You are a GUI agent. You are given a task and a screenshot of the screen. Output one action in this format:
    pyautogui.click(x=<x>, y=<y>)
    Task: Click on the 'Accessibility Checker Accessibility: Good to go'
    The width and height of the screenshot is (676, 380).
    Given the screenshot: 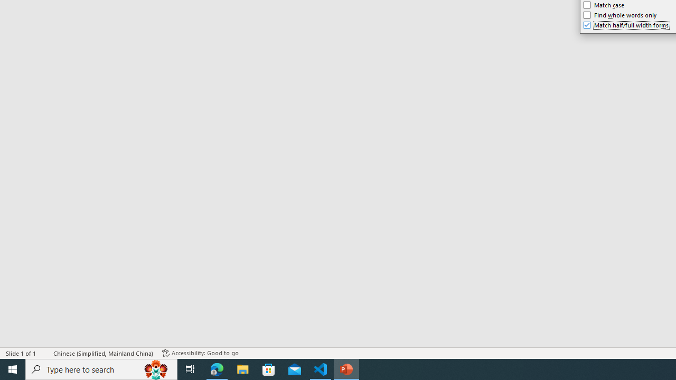 What is the action you would take?
    pyautogui.click(x=200, y=353)
    